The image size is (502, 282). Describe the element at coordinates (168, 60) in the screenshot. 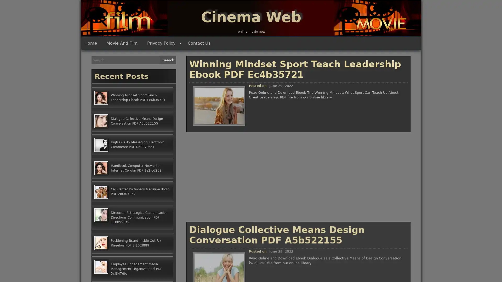

I see `Search` at that location.